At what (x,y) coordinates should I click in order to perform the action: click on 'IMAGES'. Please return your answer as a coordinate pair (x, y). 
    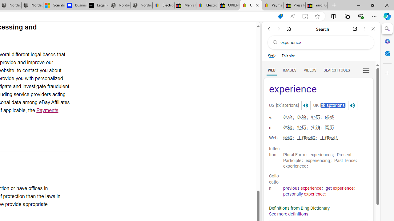
    Looking at the image, I should click on (289, 70).